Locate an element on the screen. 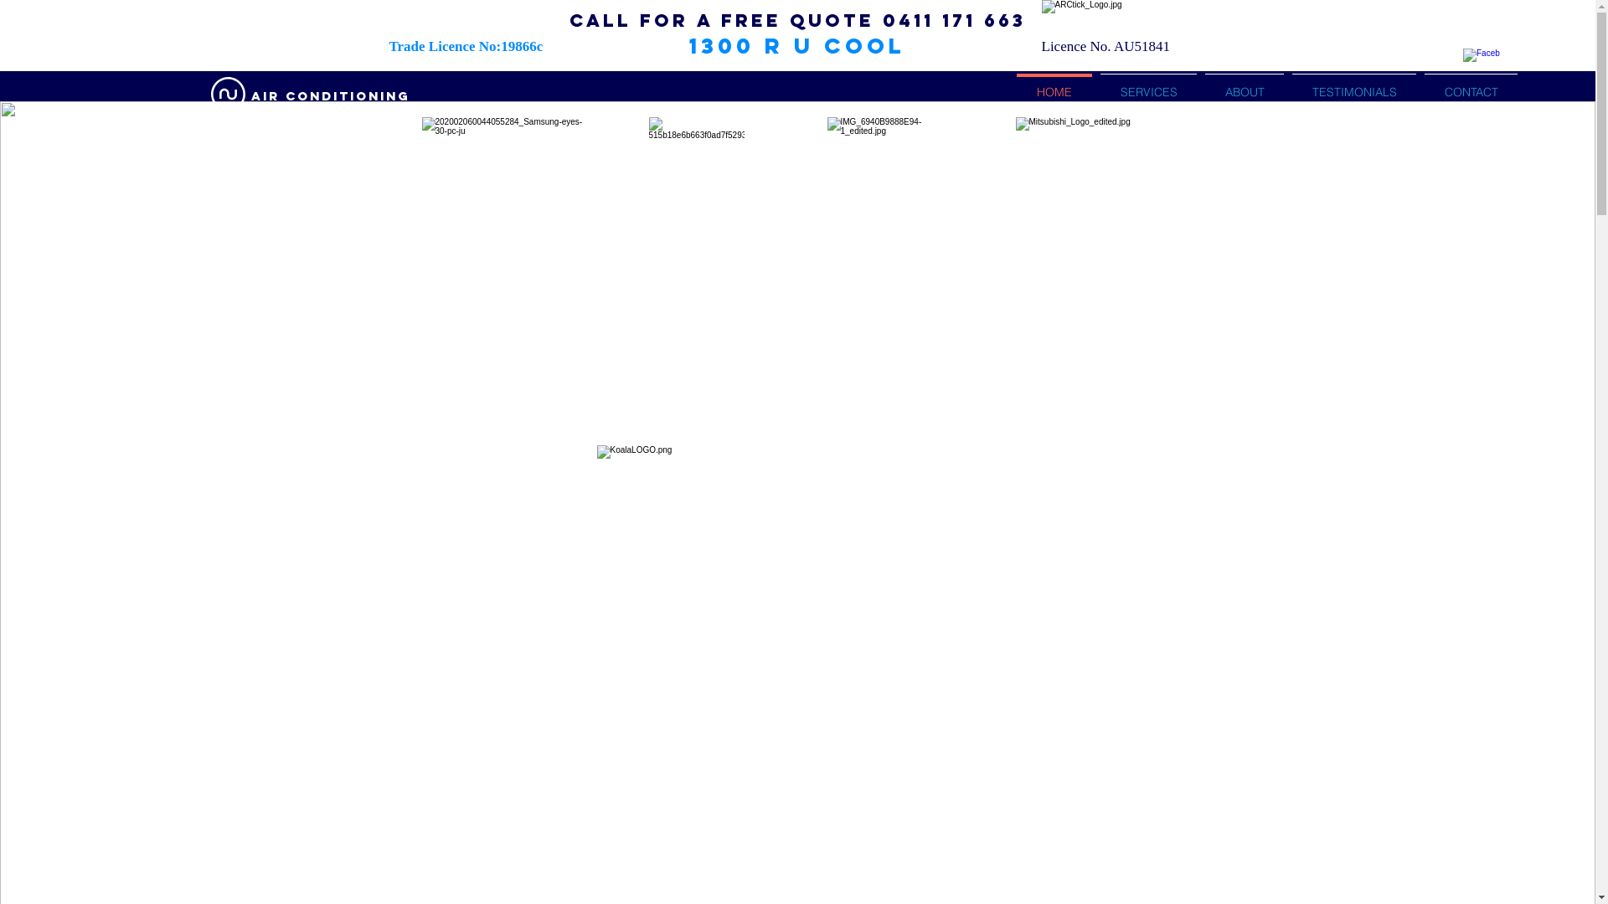 The height and width of the screenshot is (904, 1608). 'ABOUT' is located at coordinates (1245, 85).